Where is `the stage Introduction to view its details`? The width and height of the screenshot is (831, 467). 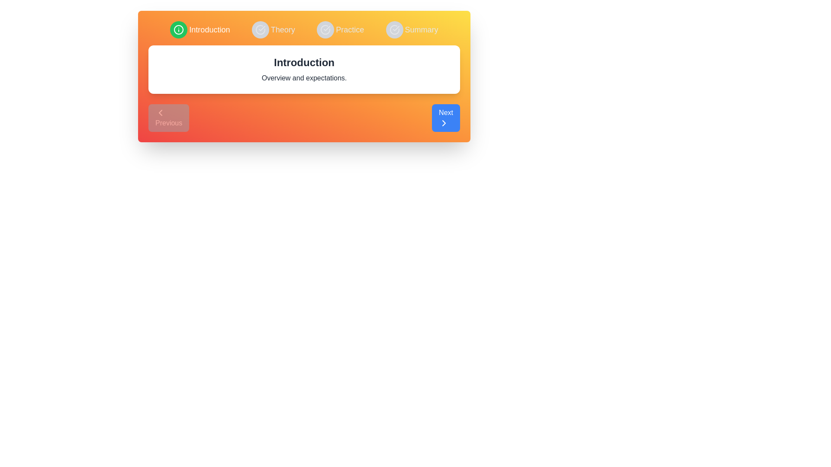
the stage Introduction to view its details is located at coordinates (200, 29).